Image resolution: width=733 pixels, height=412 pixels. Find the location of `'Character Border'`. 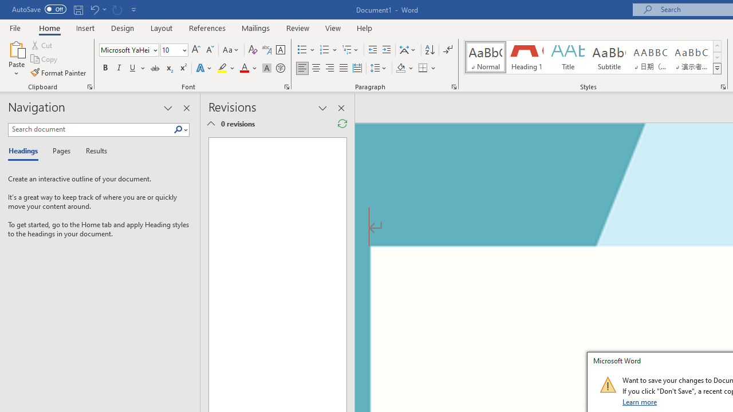

'Character Border' is located at coordinates (280, 49).